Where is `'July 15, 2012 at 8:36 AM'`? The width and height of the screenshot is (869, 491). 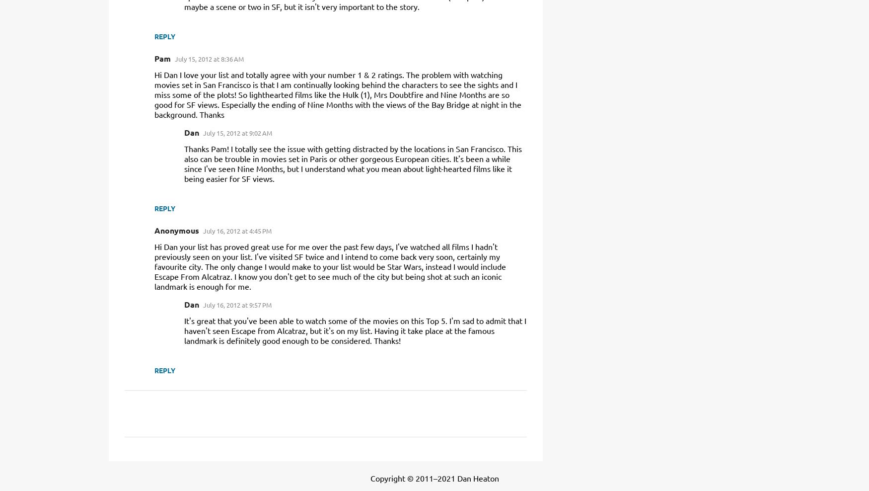 'July 15, 2012 at 8:36 AM' is located at coordinates (174, 59).